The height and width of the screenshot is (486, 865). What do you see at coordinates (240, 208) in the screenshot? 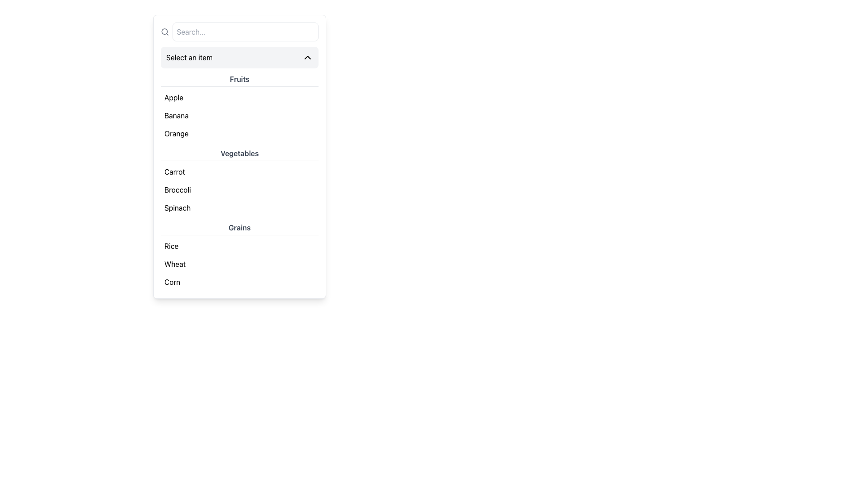
I see `the third item in the 'Vegetables' section of the dropdown menu` at bounding box center [240, 208].